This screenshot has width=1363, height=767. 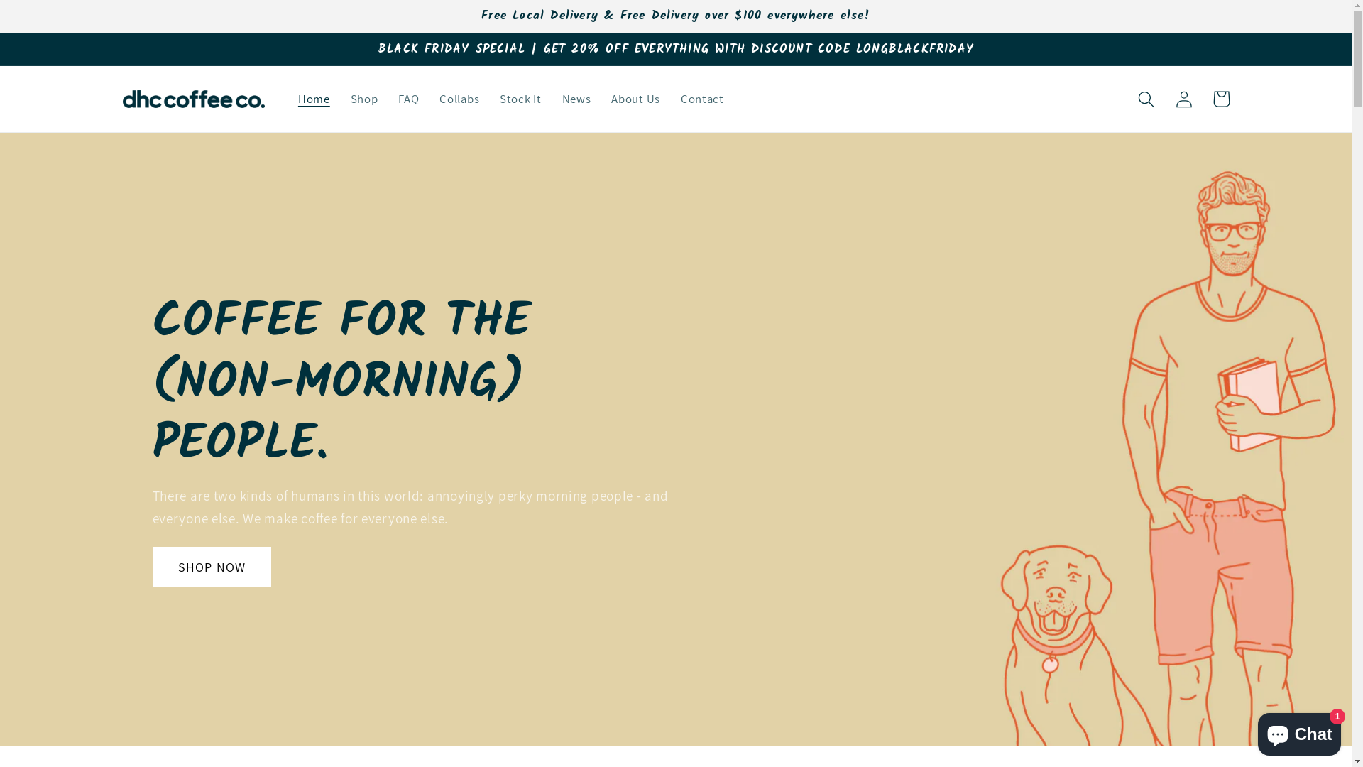 I want to click on 'Log in', so click(x=1183, y=98).